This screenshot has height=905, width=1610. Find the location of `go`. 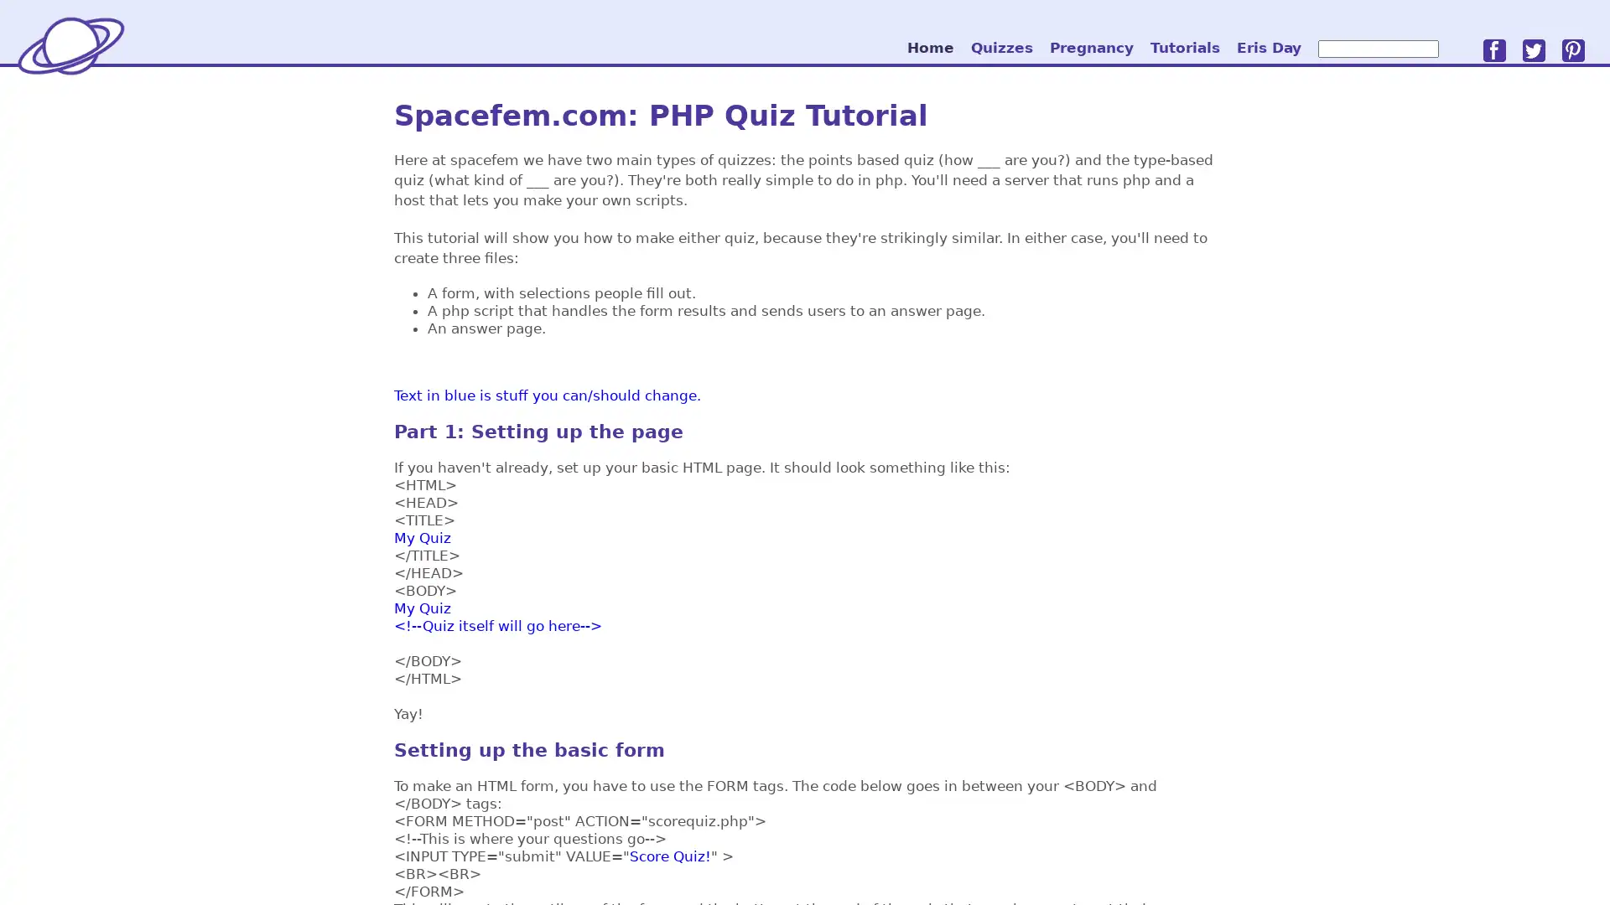

go is located at coordinates (1453, 47).